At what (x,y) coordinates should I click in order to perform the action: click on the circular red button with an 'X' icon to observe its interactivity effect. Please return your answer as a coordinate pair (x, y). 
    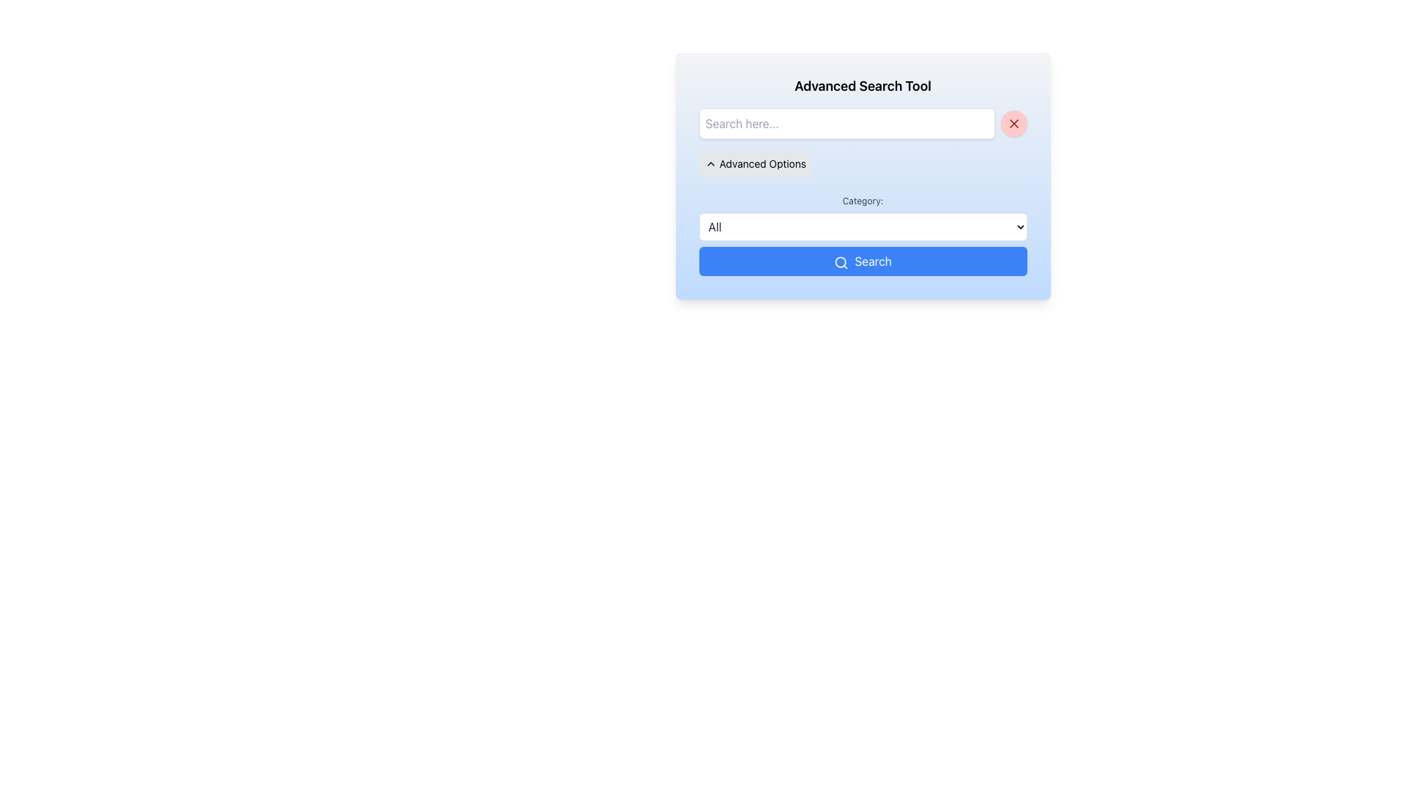
    Looking at the image, I should click on (1013, 123).